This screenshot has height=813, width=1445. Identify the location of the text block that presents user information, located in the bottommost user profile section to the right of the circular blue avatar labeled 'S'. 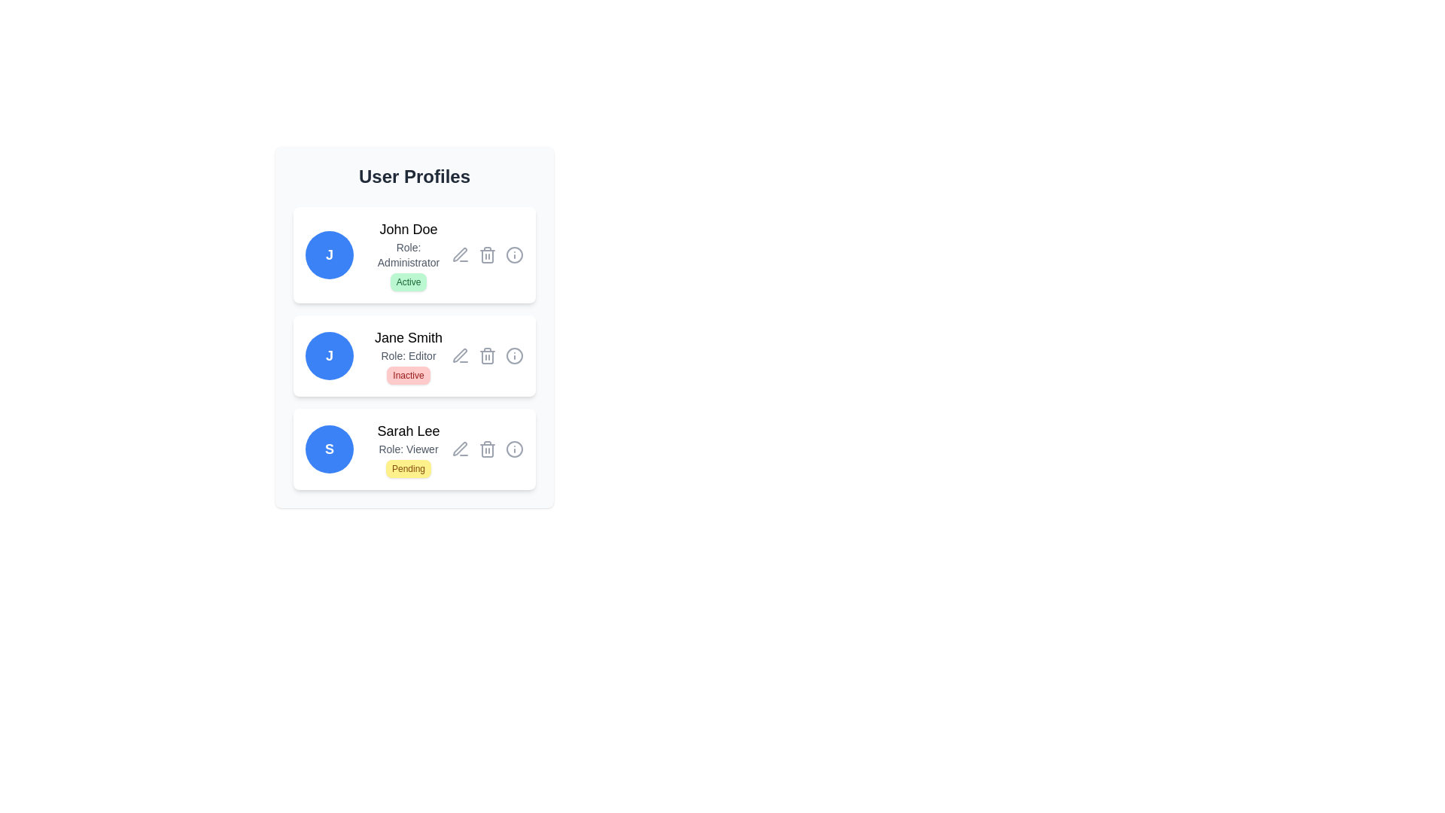
(408, 449).